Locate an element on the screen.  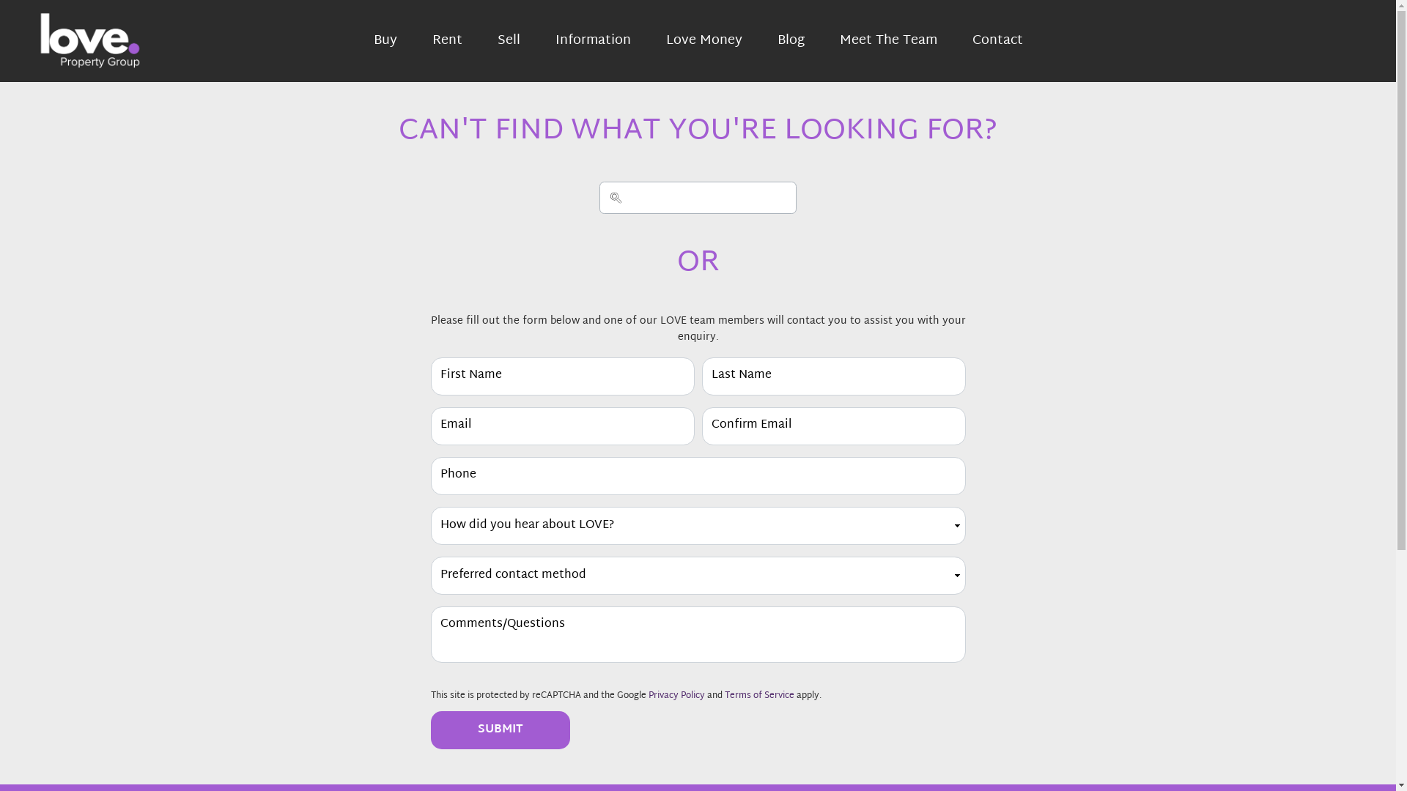
'Sell' is located at coordinates (508, 40).